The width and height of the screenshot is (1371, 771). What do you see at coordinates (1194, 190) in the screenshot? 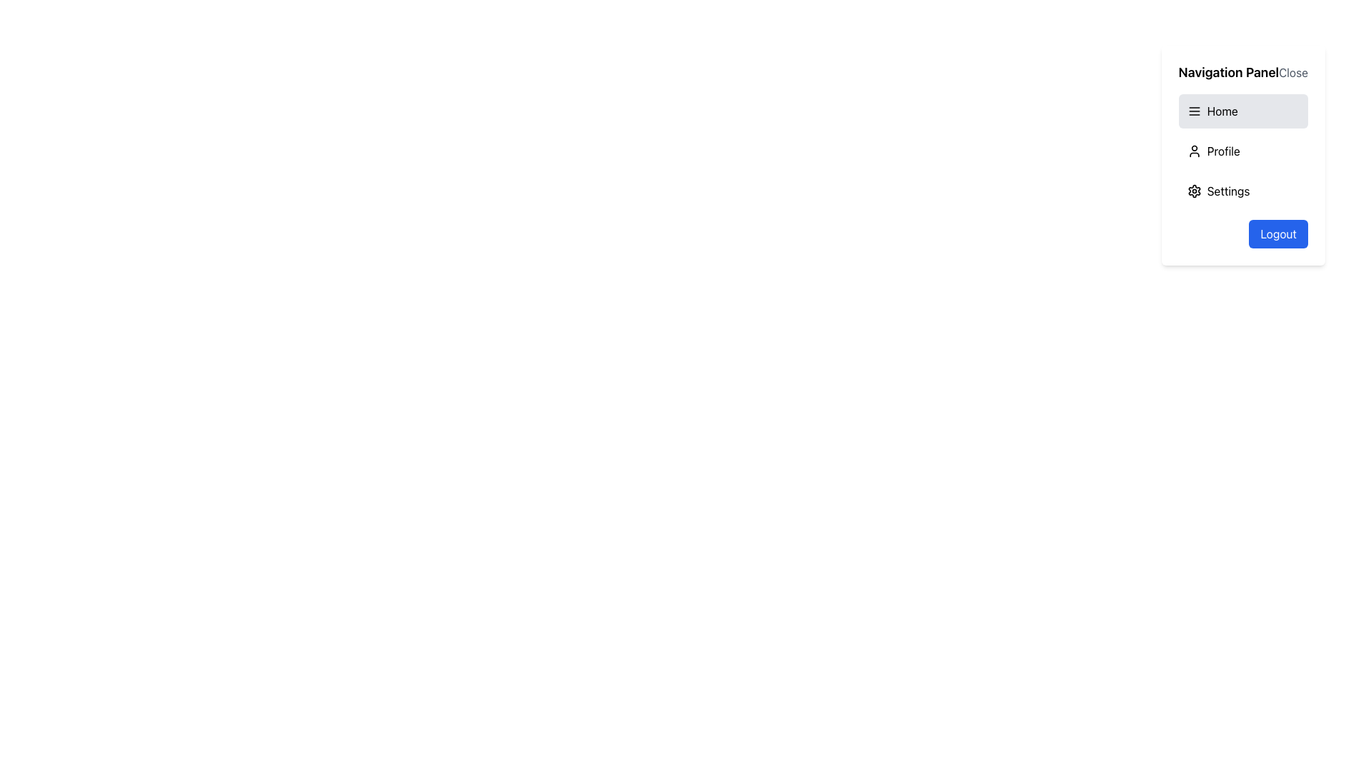
I see `the cogwheel icon located under the navigation menu` at bounding box center [1194, 190].